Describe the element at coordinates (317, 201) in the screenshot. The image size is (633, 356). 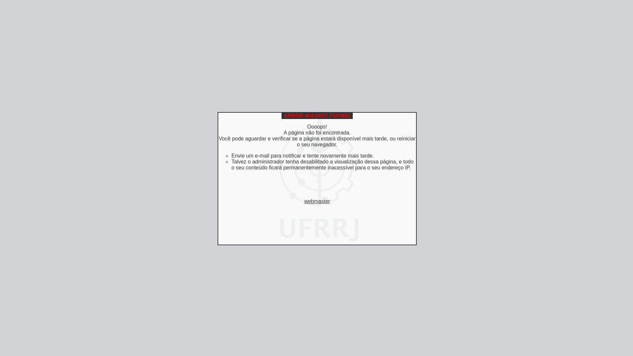
I see `'webmaster'` at that location.